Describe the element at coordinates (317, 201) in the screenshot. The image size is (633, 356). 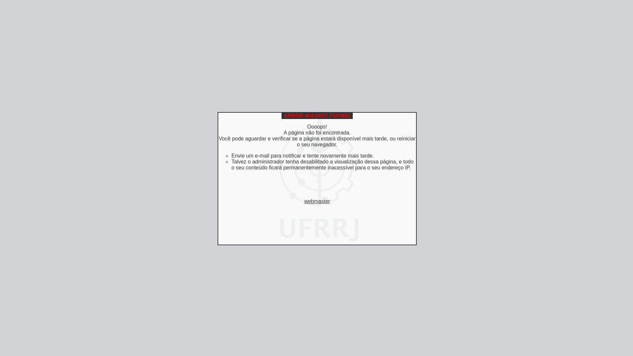
I see `'webmaster'` at that location.